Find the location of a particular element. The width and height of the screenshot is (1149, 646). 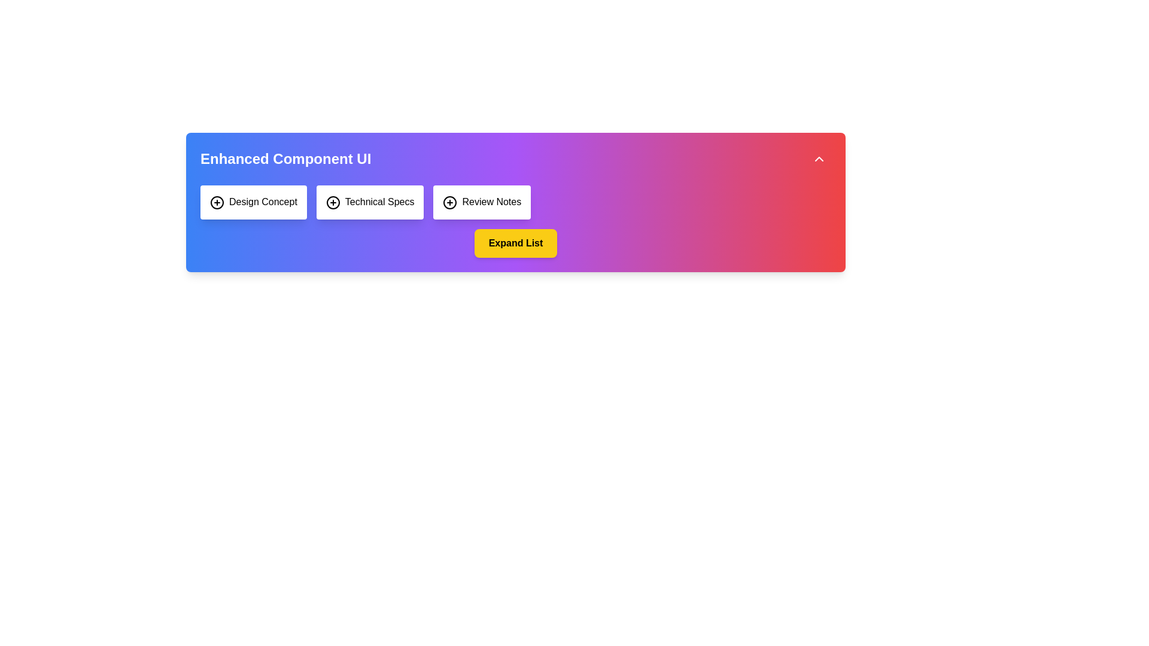

the small rounded square button with a solid red background and a white upward-pointing chevron icon is located at coordinates (818, 159).